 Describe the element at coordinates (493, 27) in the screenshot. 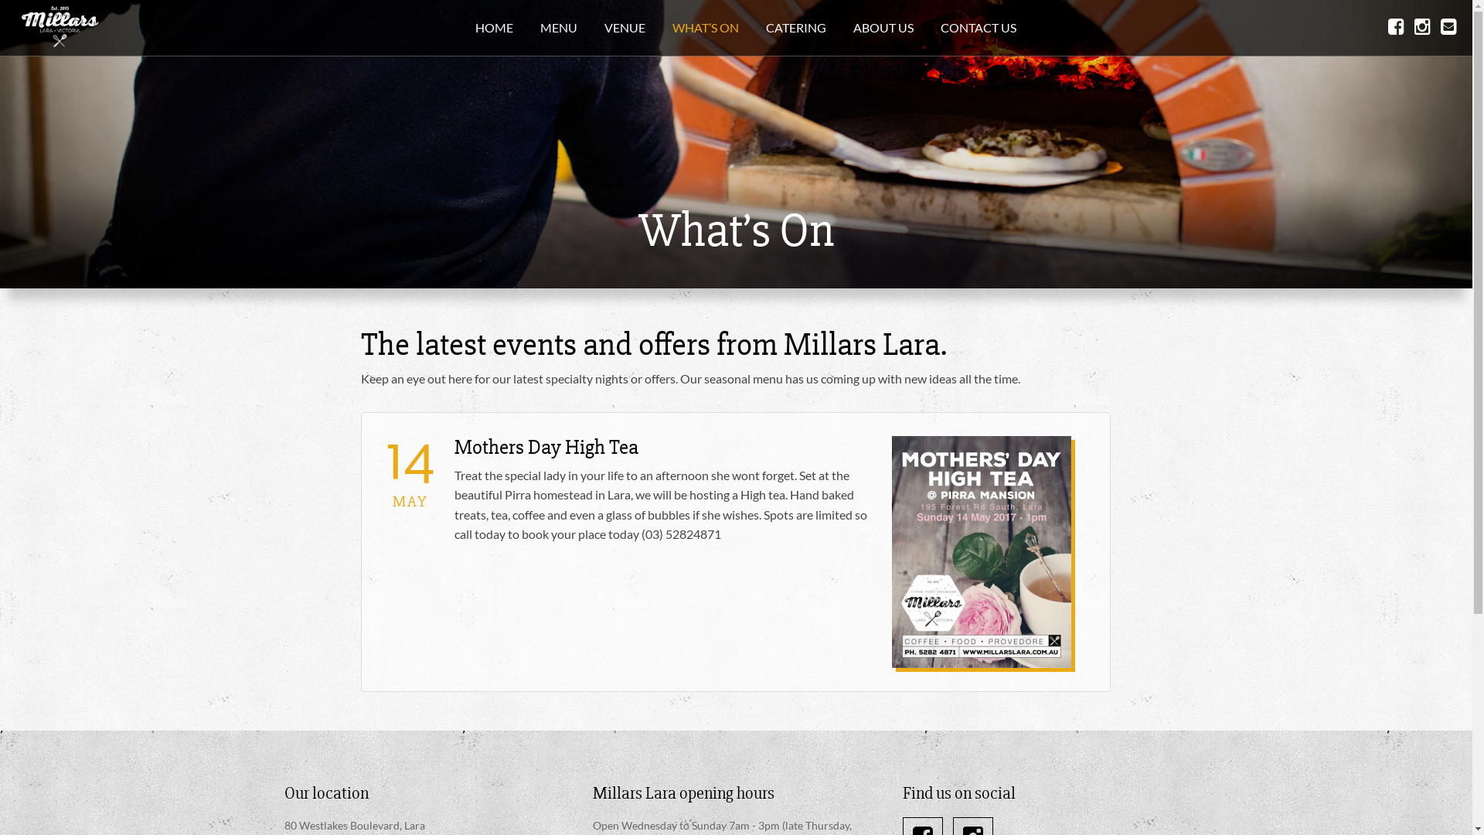

I see `'HOME'` at that location.